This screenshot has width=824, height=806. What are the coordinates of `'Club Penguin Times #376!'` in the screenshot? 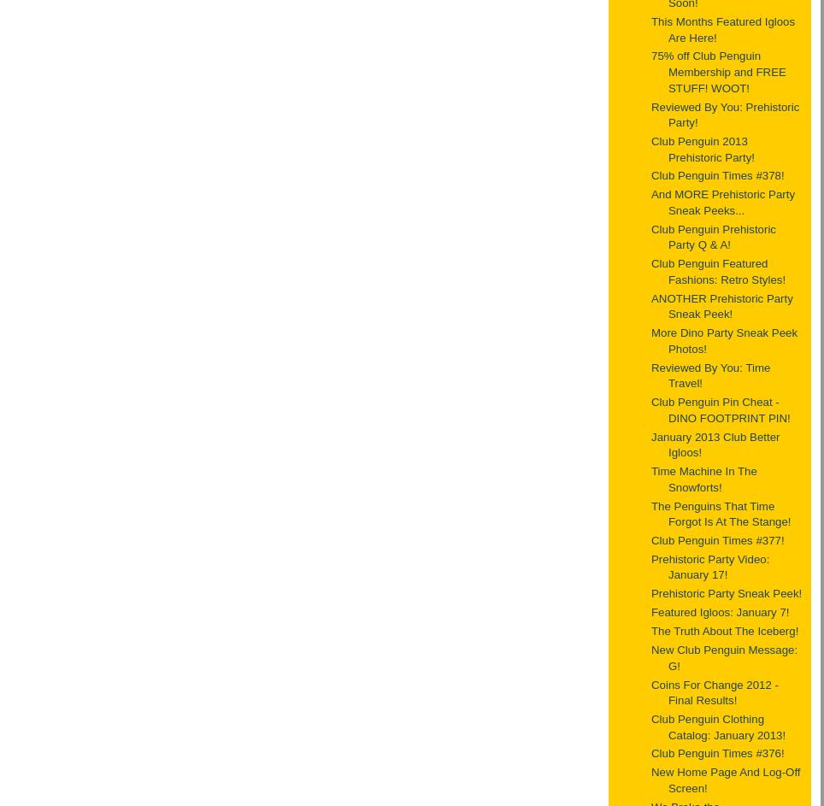 It's located at (716, 753).